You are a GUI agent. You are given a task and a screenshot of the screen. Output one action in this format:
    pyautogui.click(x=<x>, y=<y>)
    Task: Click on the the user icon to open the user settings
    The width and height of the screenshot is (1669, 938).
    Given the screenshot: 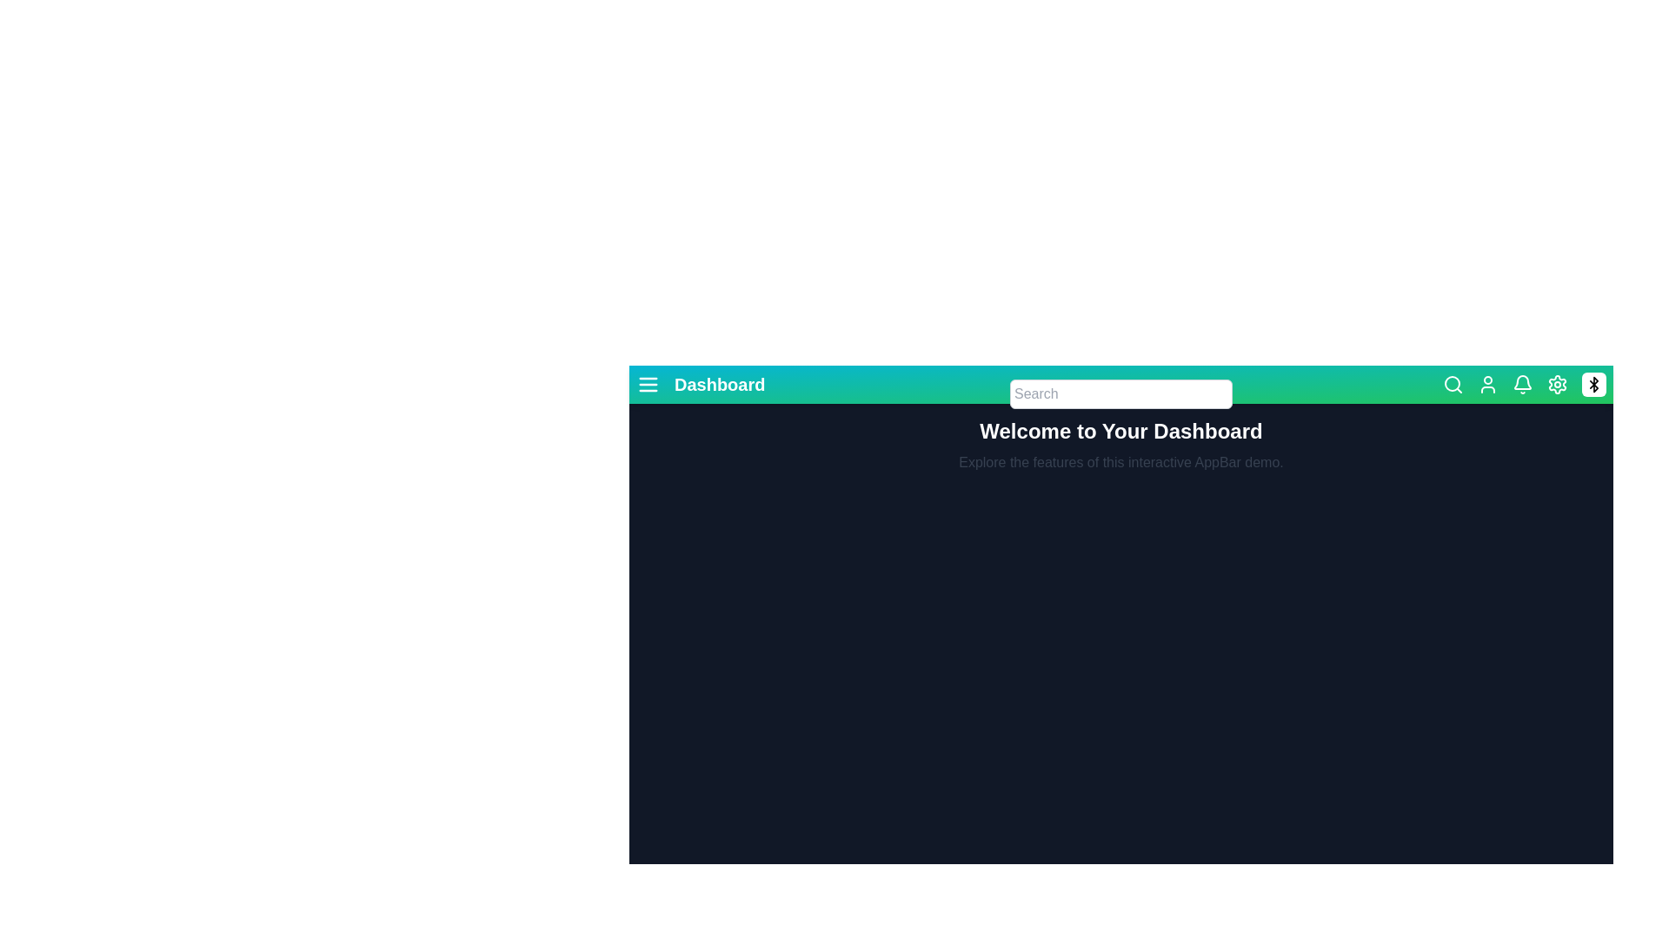 What is the action you would take?
    pyautogui.click(x=1487, y=384)
    